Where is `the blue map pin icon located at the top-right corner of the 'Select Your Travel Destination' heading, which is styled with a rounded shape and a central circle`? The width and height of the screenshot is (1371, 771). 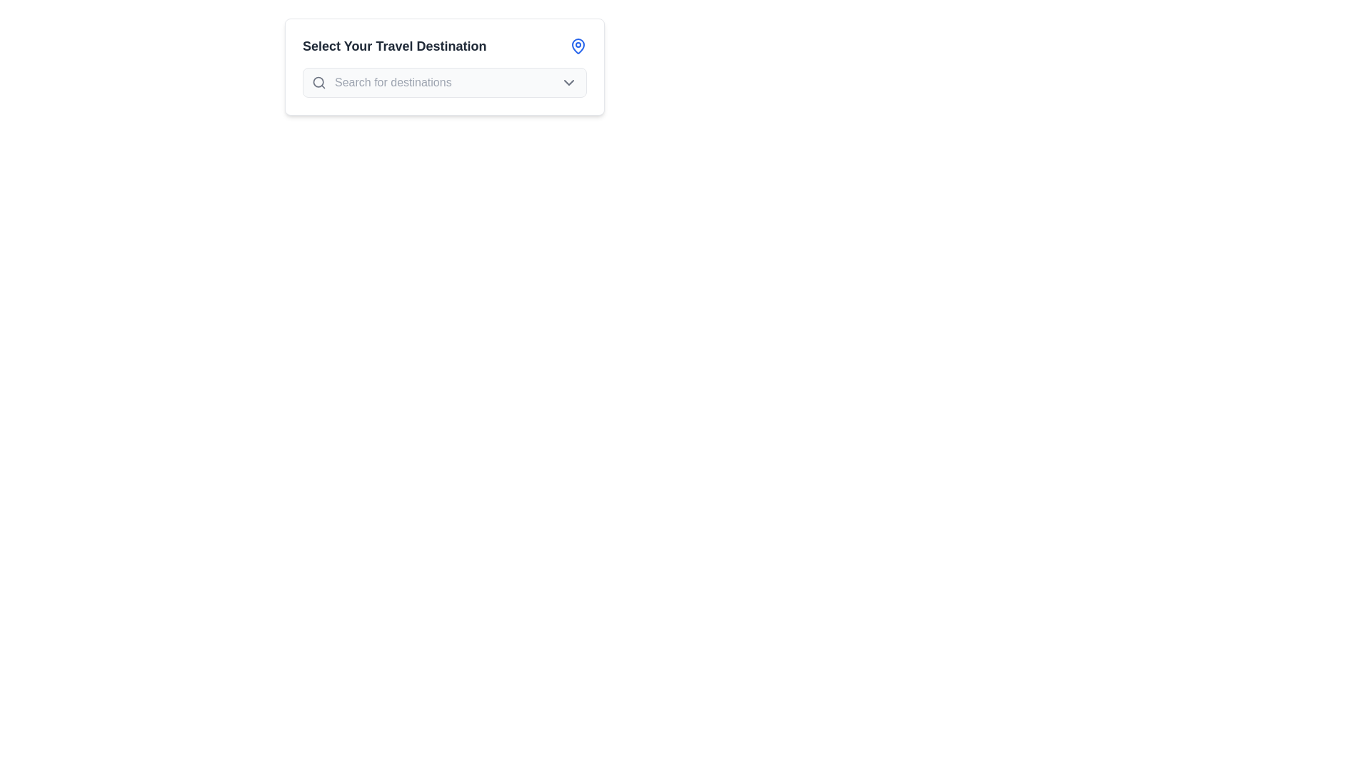
the blue map pin icon located at the top-right corner of the 'Select Your Travel Destination' heading, which is styled with a rounded shape and a central circle is located at coordinates (578, 46).